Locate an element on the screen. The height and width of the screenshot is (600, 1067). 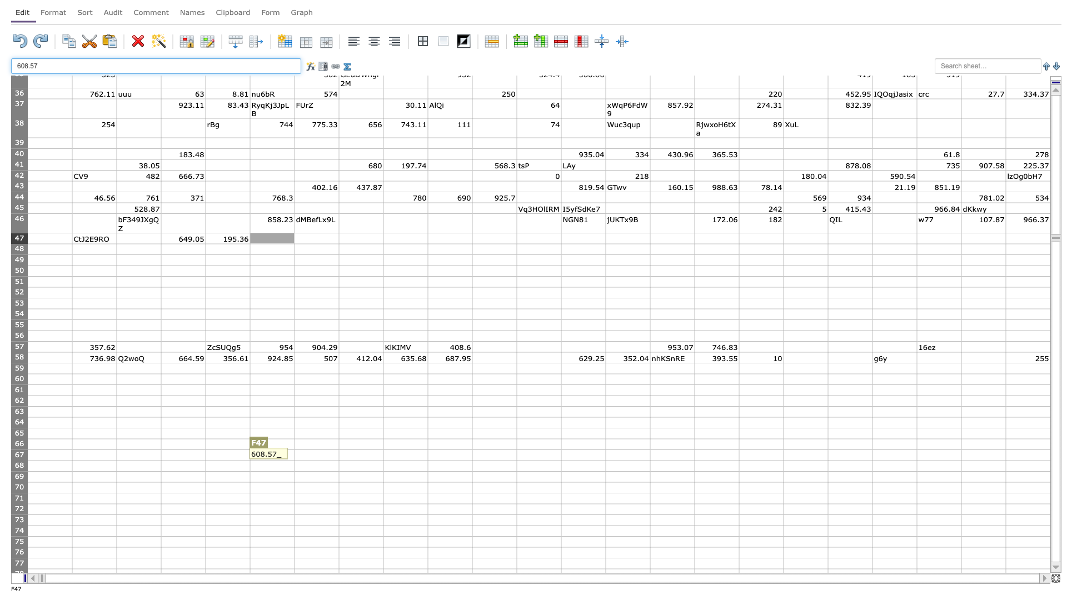
Bottom right corner of cell H-67 is located at coordinates (383, 461).